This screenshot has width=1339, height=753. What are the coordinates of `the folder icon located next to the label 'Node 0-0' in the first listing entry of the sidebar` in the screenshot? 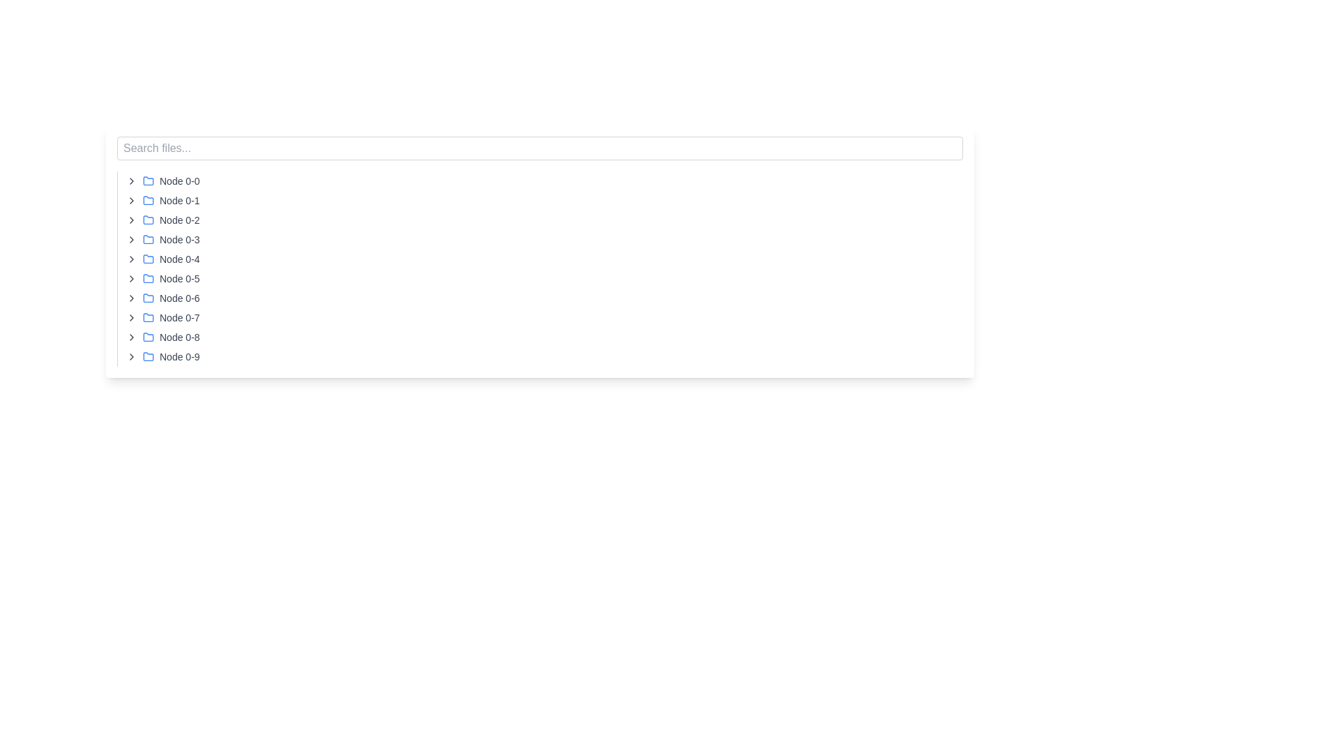 It's located at (148, 180).